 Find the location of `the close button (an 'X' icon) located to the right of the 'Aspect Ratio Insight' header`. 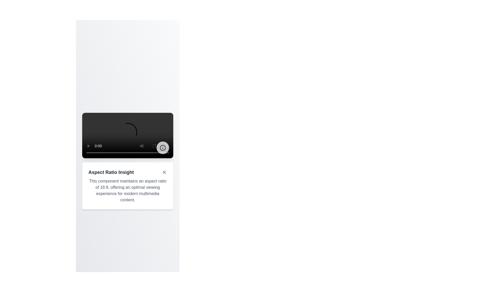

the close button (an 'X' icon) located to the right of the 'Aspect Ratio Insight' header is located at coordinates (164, 172).